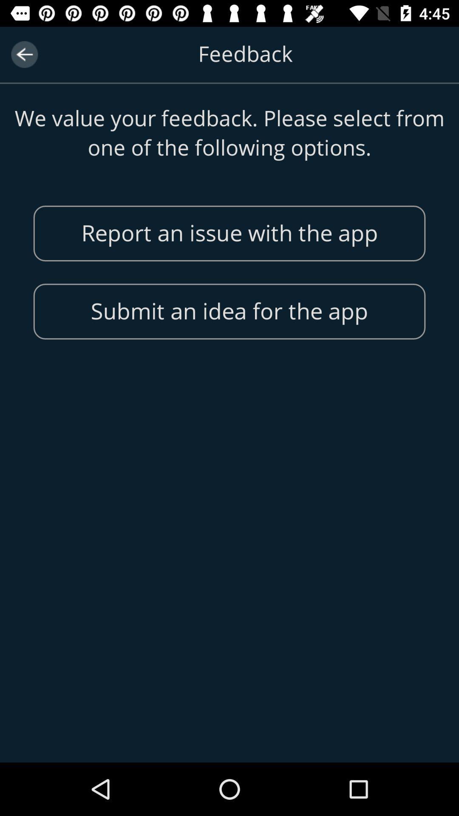 The image size is (459, 816). What do you see at coordinates (24, 54) in the screenshot?
I see `the arrow_backward icon` at bounding box center [24, 54].